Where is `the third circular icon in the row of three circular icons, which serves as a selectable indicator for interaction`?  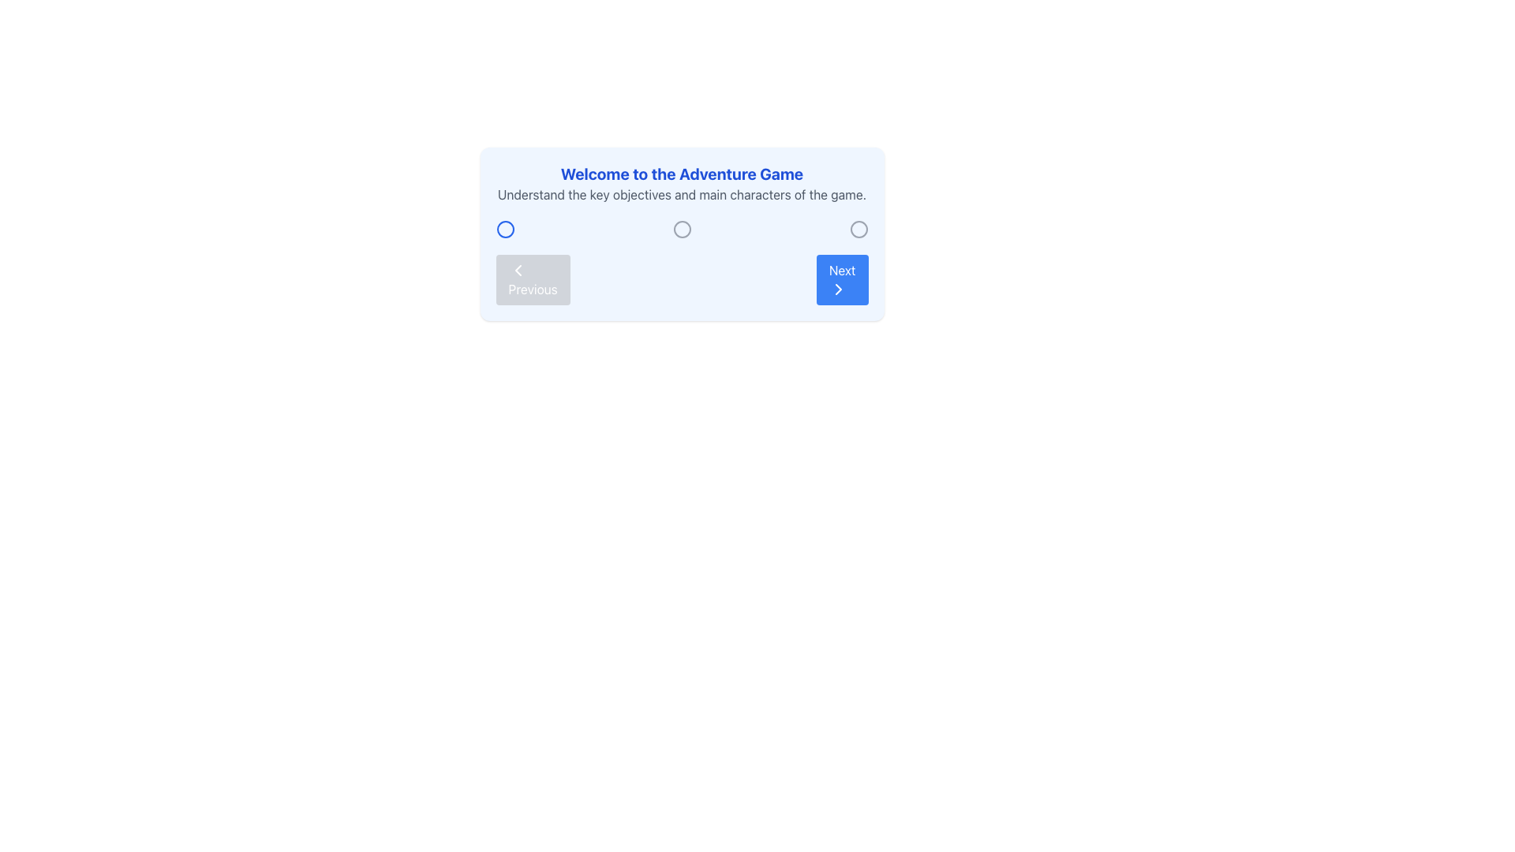
the third circular icon in the row of three circular icons, which serves as a selectable indicator for interaction is located at coordinates (858, 229).